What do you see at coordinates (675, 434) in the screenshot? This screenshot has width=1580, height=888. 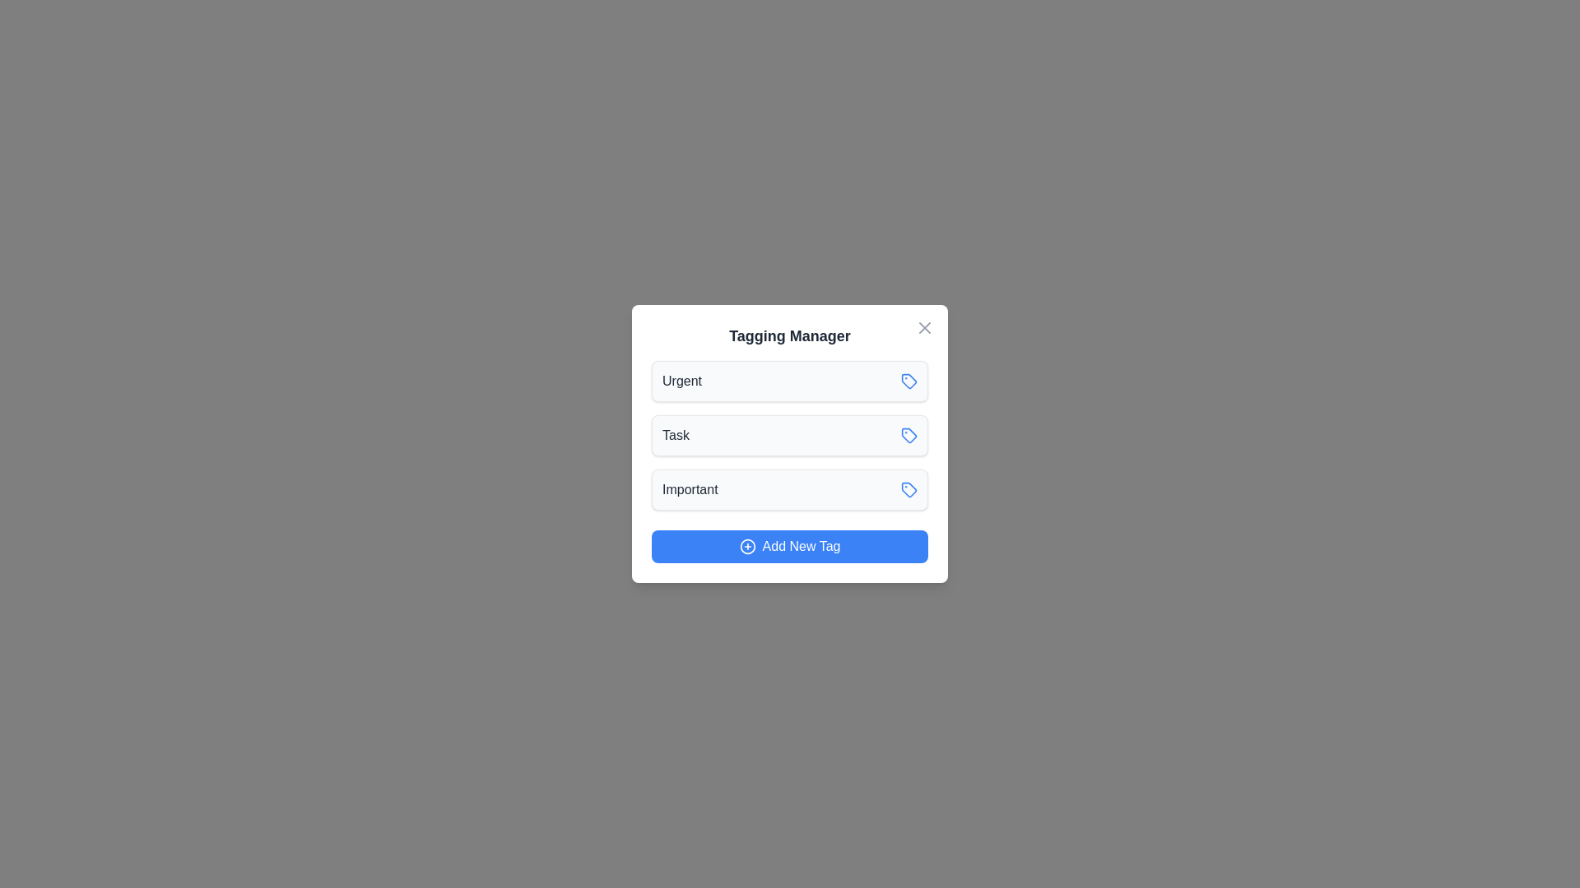 I see `the text of the tag Task` at bounding box center [675, 434].